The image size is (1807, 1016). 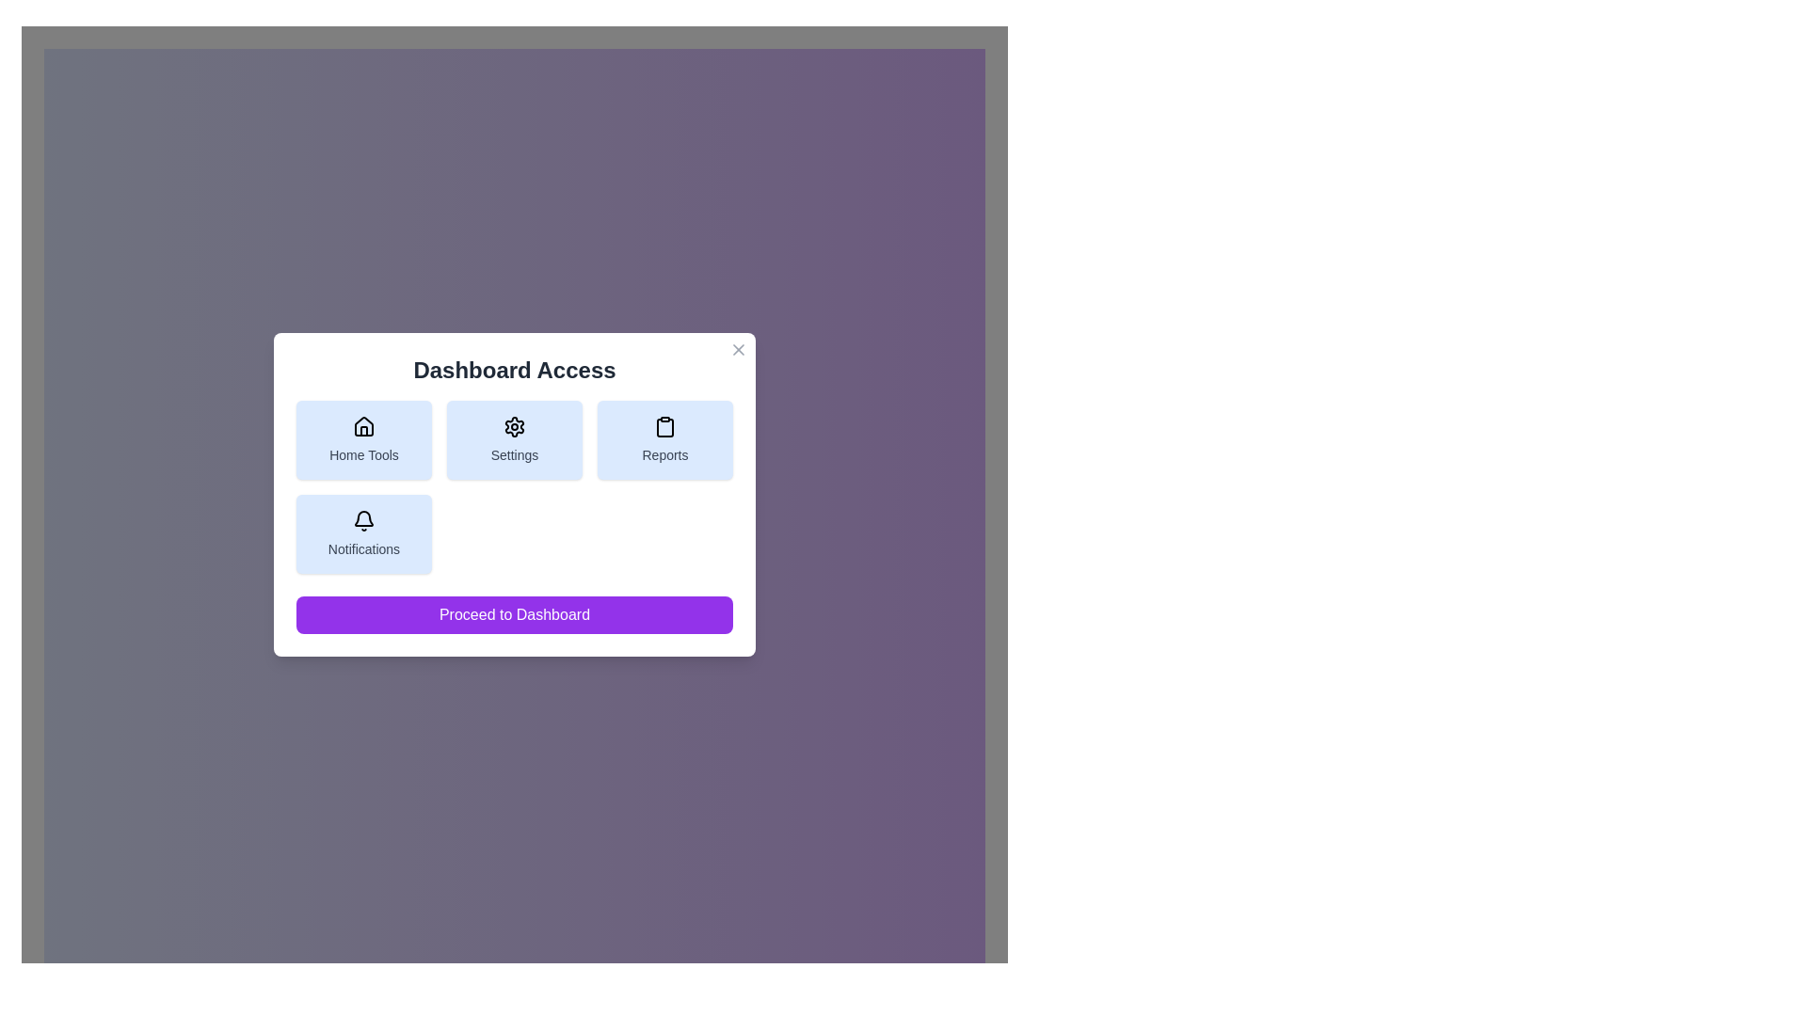 What do you see at coordinates (515, 454) in the screenshot?
I see `the 'Settings' label located below the gear icon in the second button of the top row within the 'Dashboard Access' dialog box` at bounding box center [515, 454].